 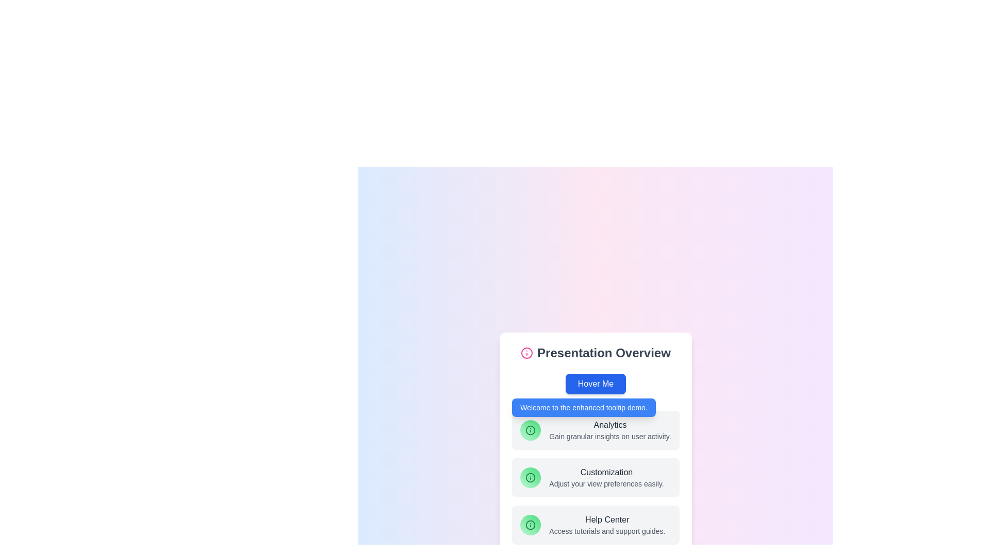 I want to click on the text element that says 'Adjust your view preferences easily.' located below the 'Customization' header in the customization section, so click(x=606, y=484).